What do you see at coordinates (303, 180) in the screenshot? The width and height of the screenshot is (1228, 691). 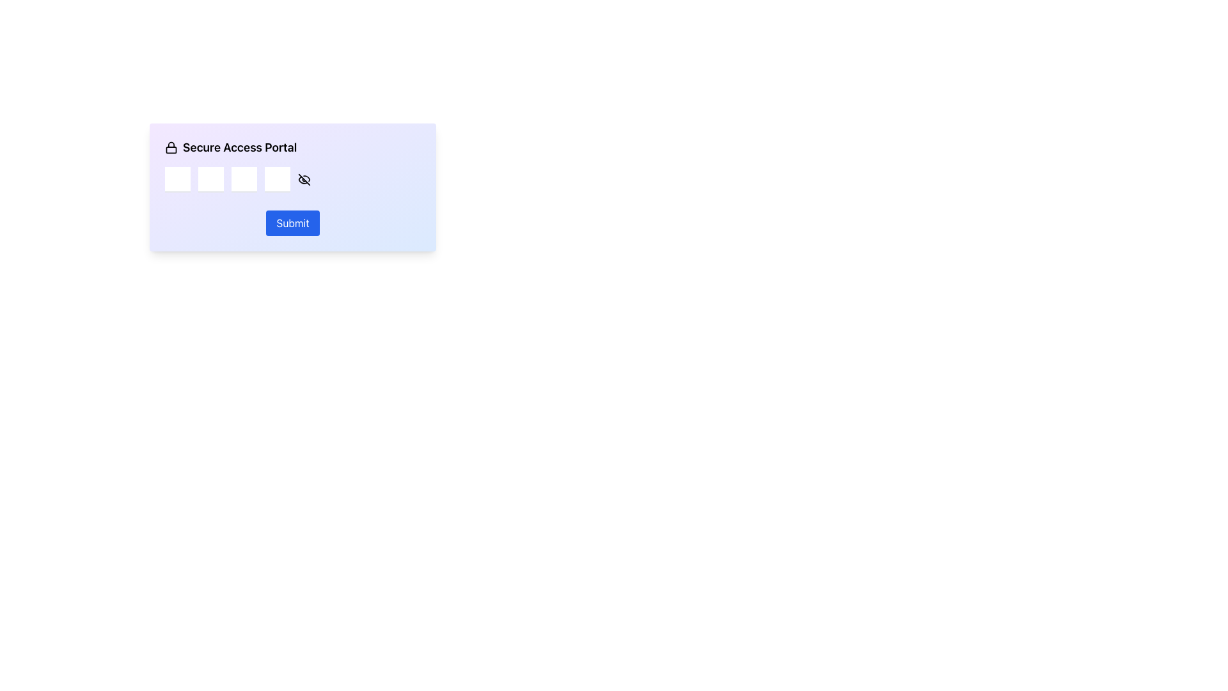 I see `the password visibility toggle icon located at the far right of the password input fields to switch between obscured and plain text viewing of the entered password` at bounding box center [303, 180].